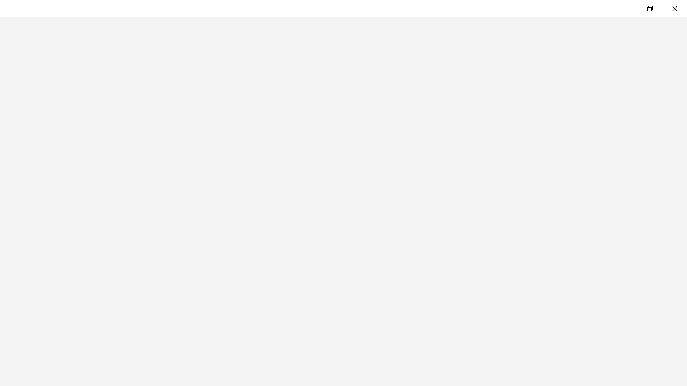 Image resolution: width=687 pixels, height=386 pixels. I want to click on 'Restore Feedback Hub', so click(649, 8).